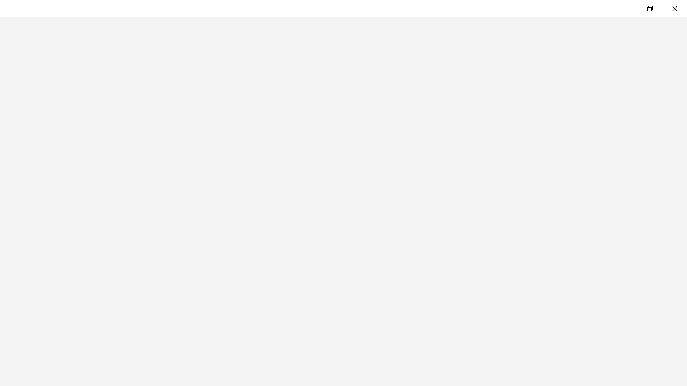 Image resolution: width=687 pixels, height=386 pixels. I want to click on 'Restore Feedback Hub', so click(649, 8).